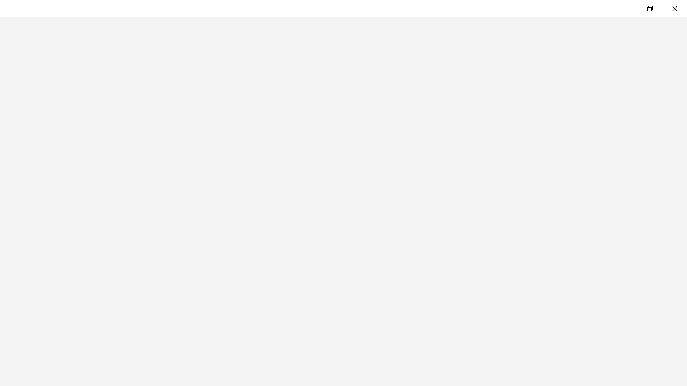 Image resolution: width=687 pixels, height=386 pixels. I want to click on 'Restore Feedback Hub', so click(649, 8).